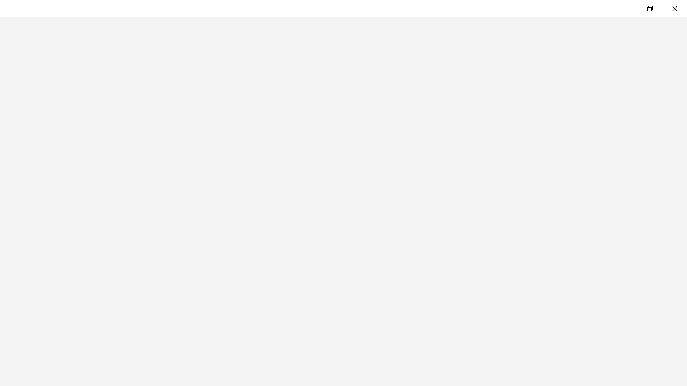 Image resolution: width=687 pixels, height=386 pixels. I want to click on 'Restore Feedback Hub', so click(649, 8).